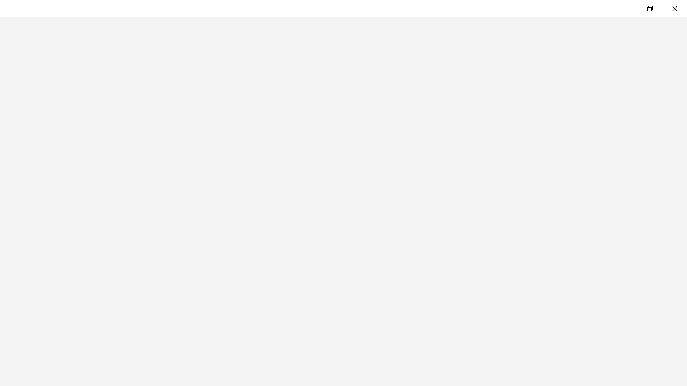 Image resolution: width=687 pixels, height=386 pixels. I want to click on 'Restore Feedback Hub', so click(649, 8).